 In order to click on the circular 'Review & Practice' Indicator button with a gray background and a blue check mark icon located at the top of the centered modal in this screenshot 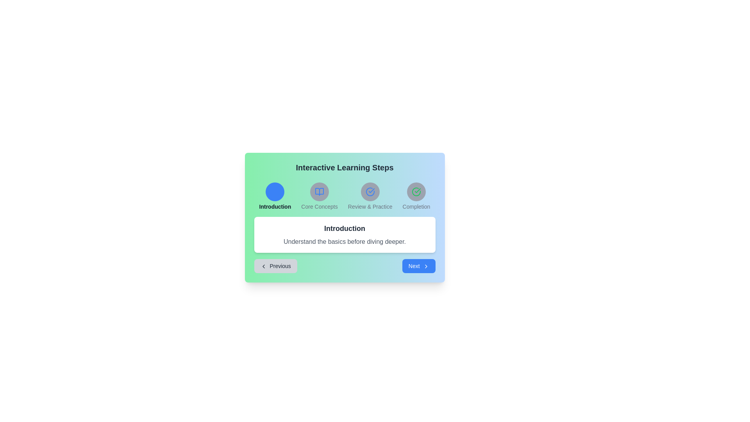, I will do `click(370, 191)`.